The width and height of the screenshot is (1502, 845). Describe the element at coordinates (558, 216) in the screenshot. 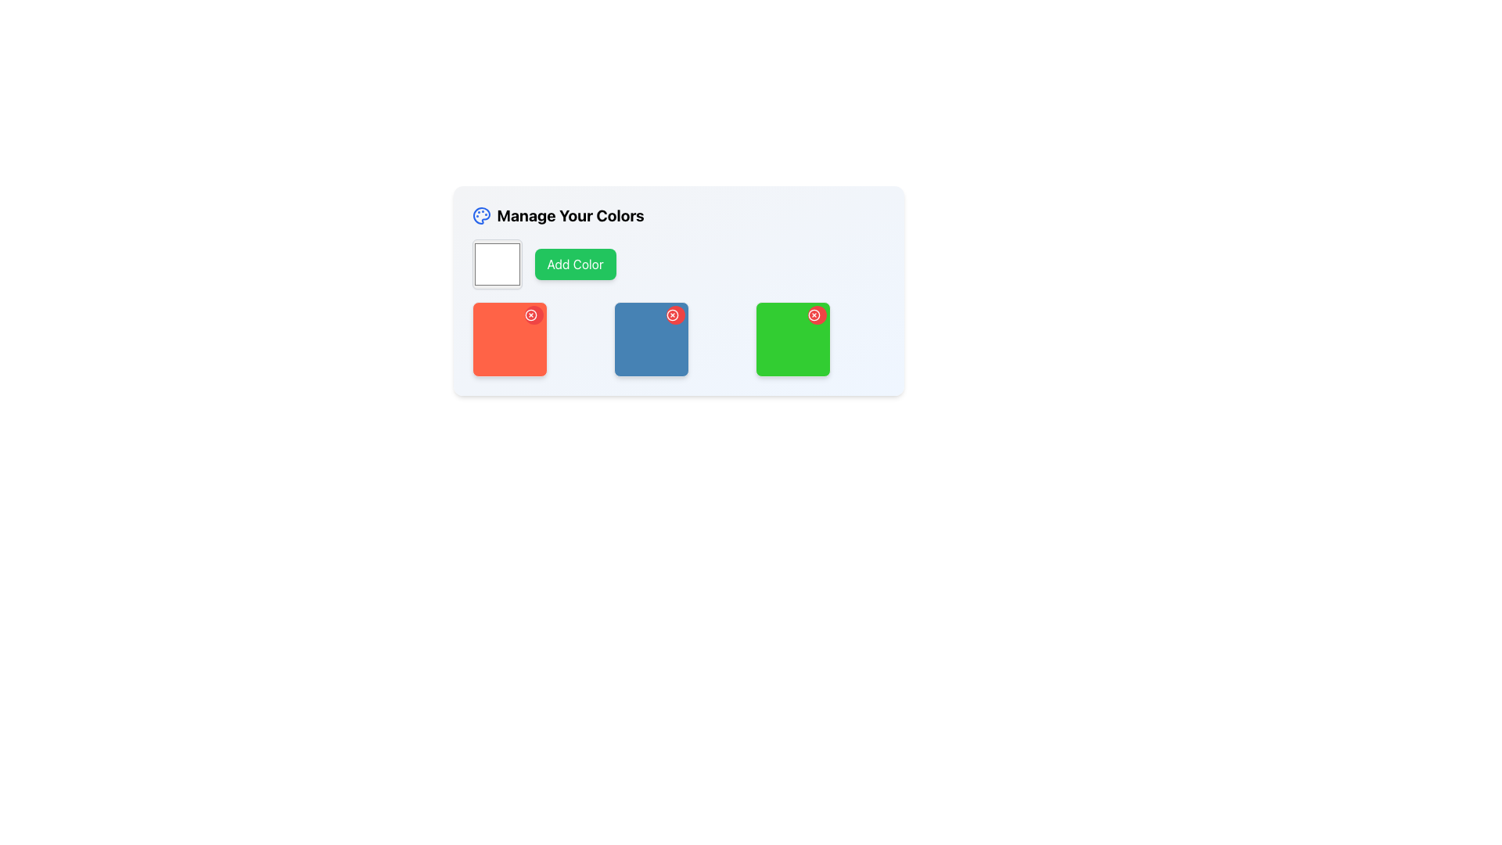

I see `header text that serves as the title for the color options management section, located at the top-left section of the interface, with an accompanying icon on its left` at that location.